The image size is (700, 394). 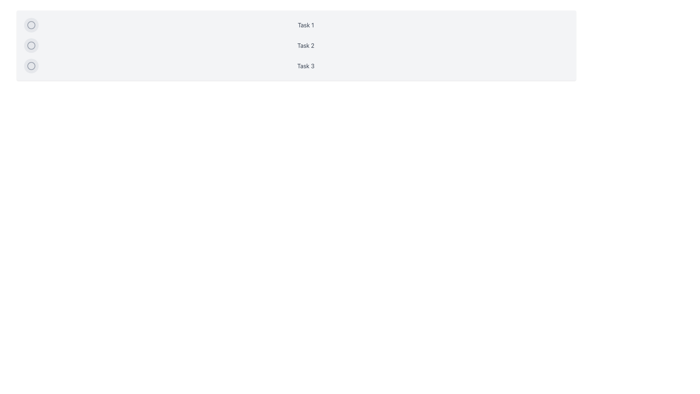 I want to click on the circular button with a gray background located to the left of the text 'Task 2' to trigger its visual effect, so click(x=31, y=45).